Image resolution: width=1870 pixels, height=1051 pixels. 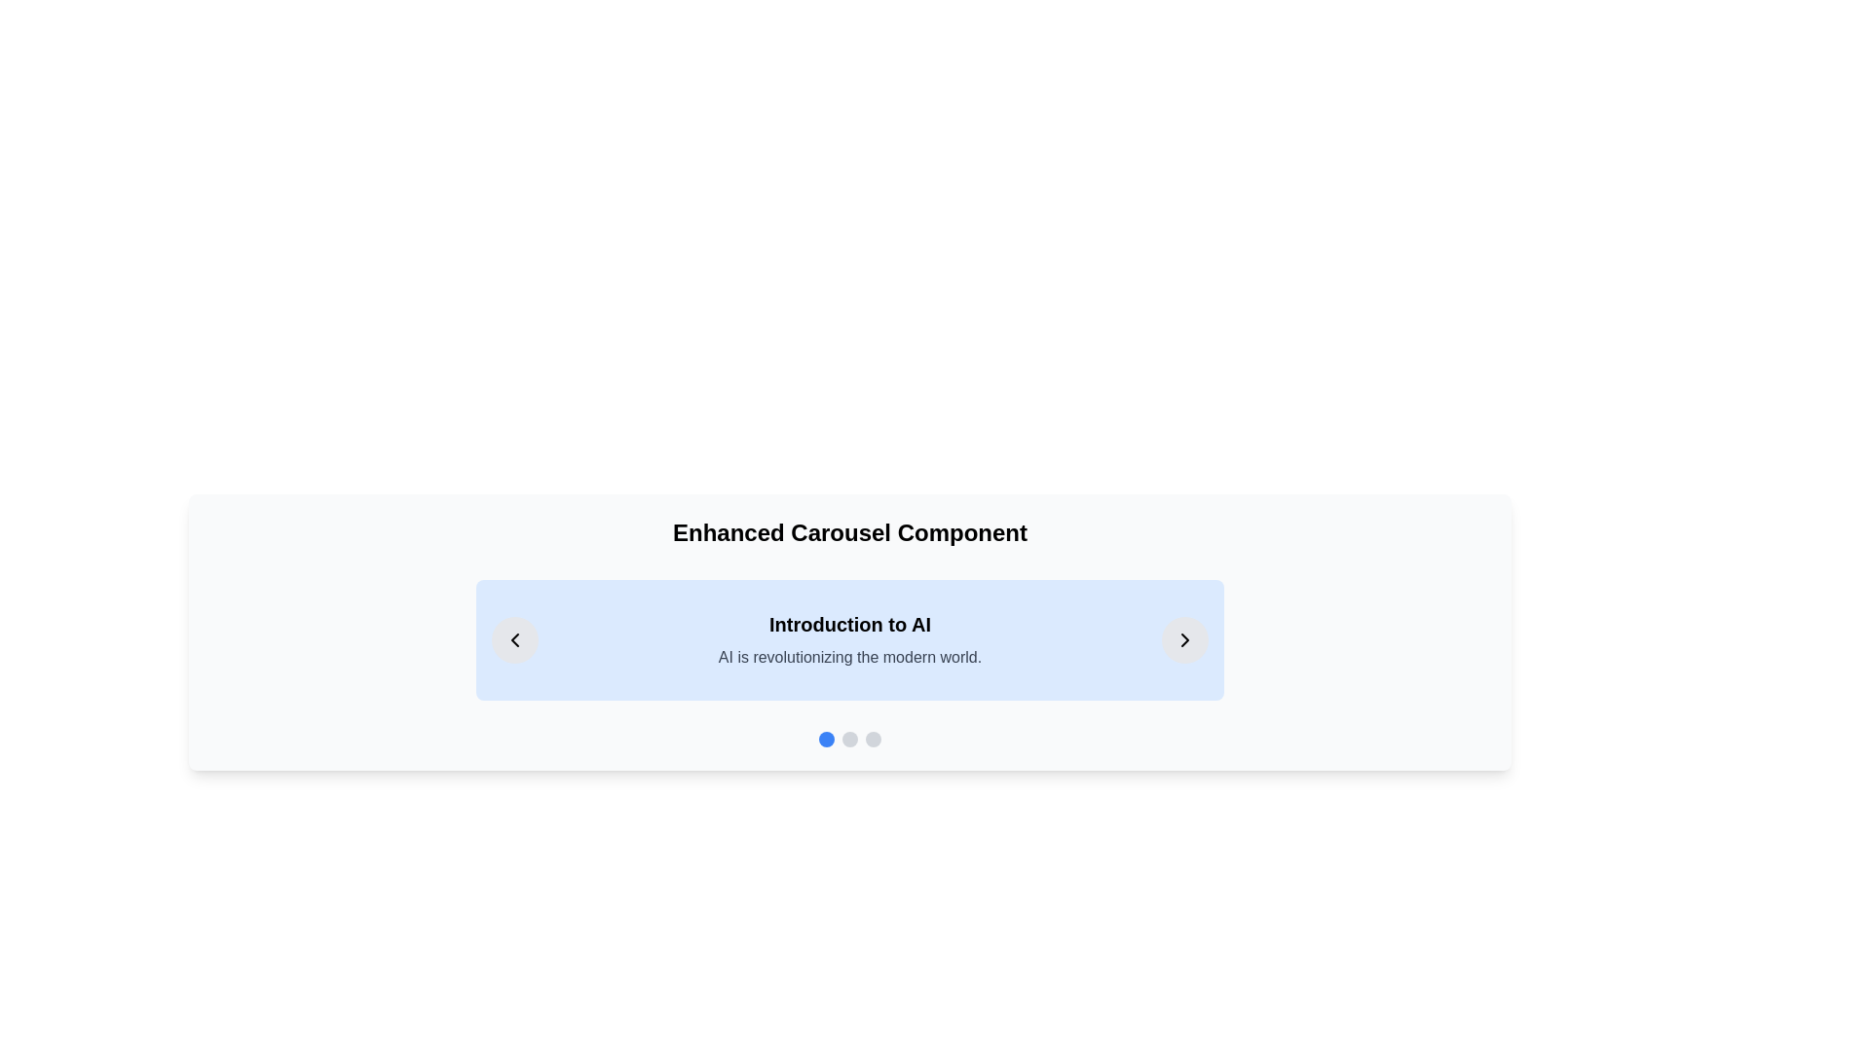 What do you see at coordinates (1184, 640) in the screenshot?
I see `the right-pointing chevron icon` at bounding box center [1184, 640].